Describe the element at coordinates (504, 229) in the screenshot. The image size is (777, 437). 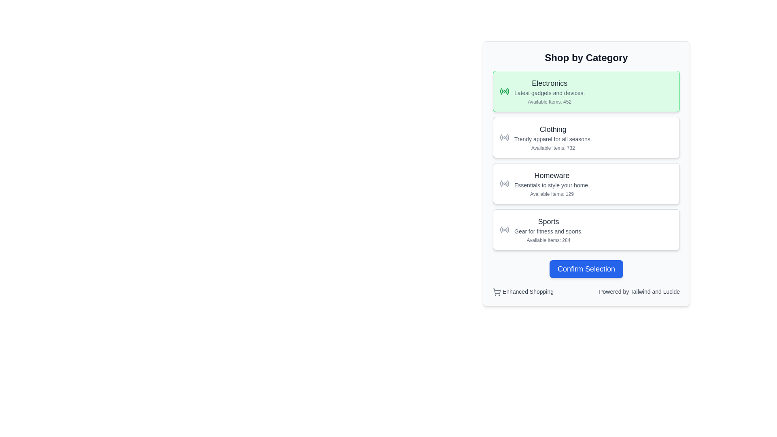
I see `the Sports category icon located on the left side of the line item labeled 'Sports' in the 'Shop by Category' section` at that location.